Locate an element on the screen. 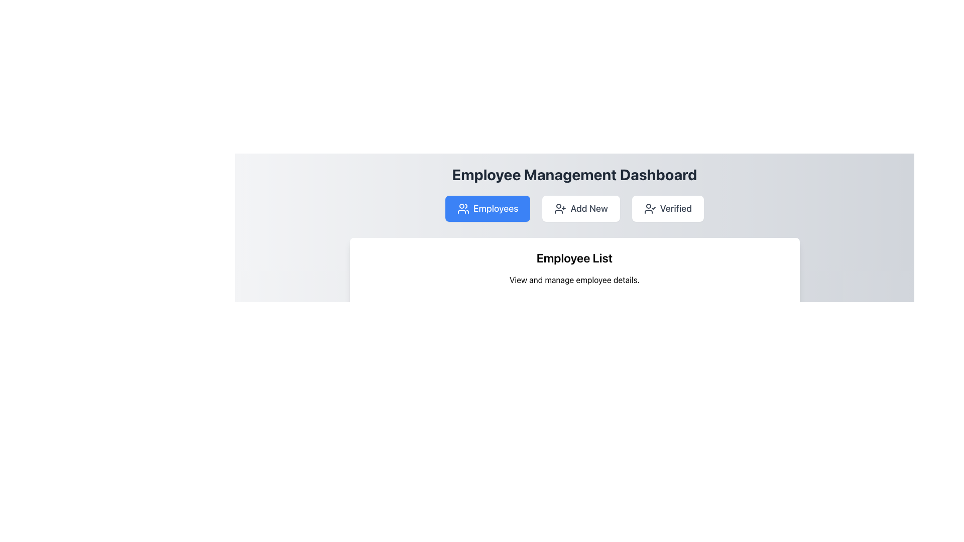 The image size is (964, 542). the 'Employee List' heading, which is styled with a bold and large font size, positioned above the sentence 'View and manage employee details.' and directly below the toolbar with action buttons is located at coordinates (574, 257).